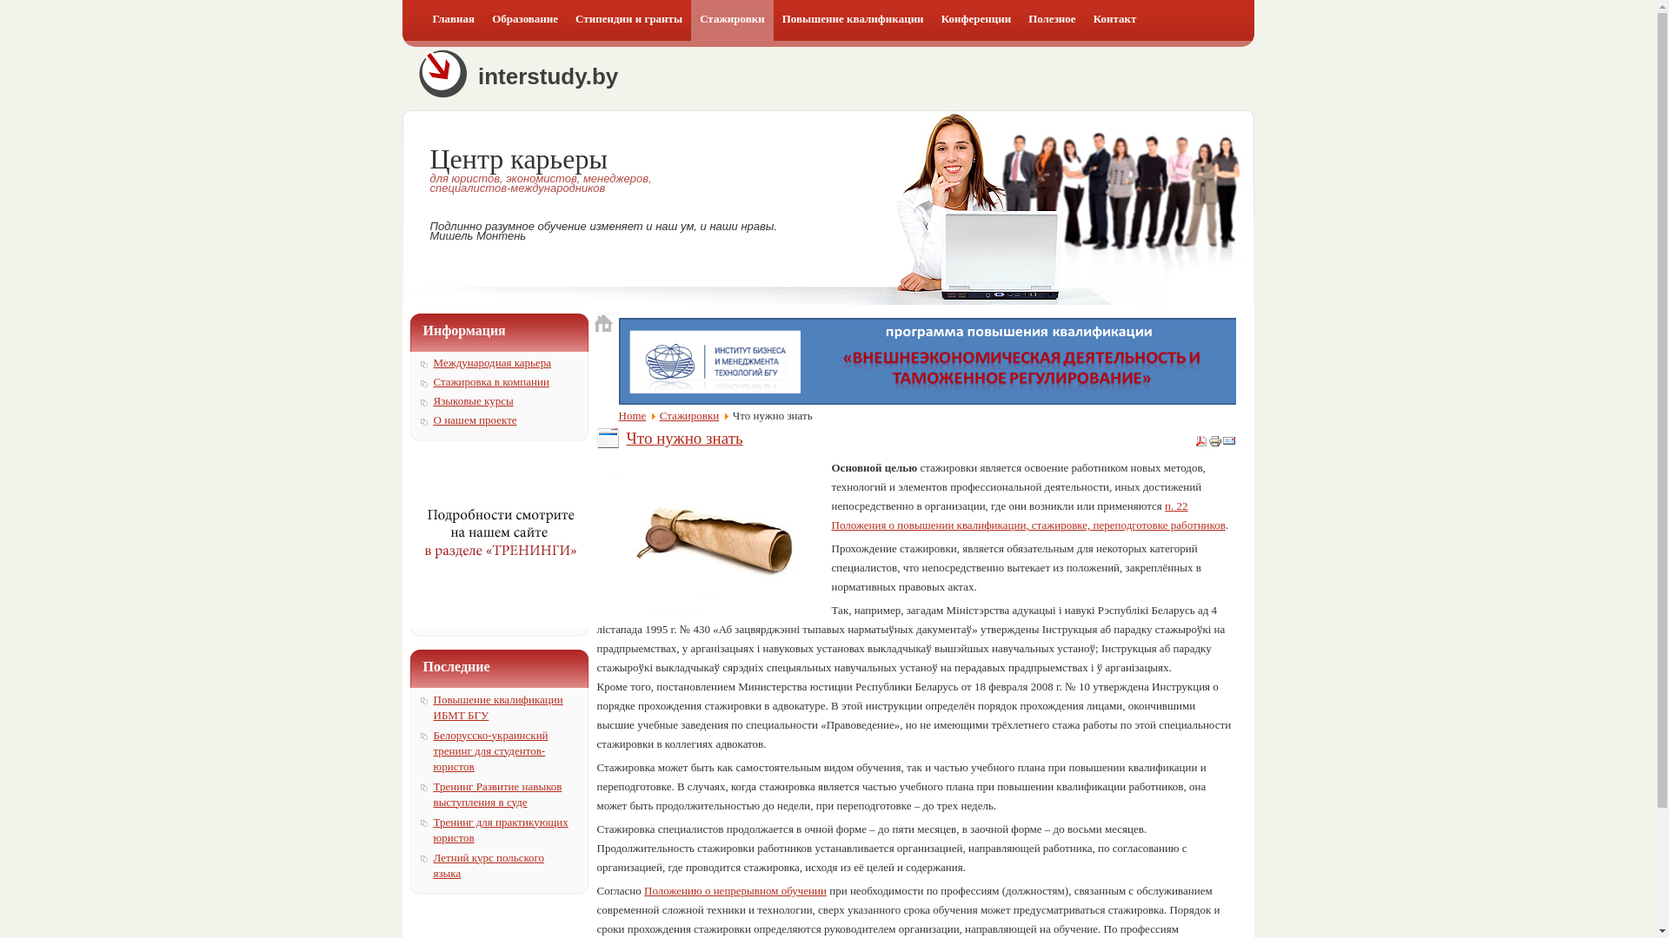  What do you see at coordinates (1228, 443) in the screenshot?
I see `'E-mail'` at bounding box center [1228, 443].